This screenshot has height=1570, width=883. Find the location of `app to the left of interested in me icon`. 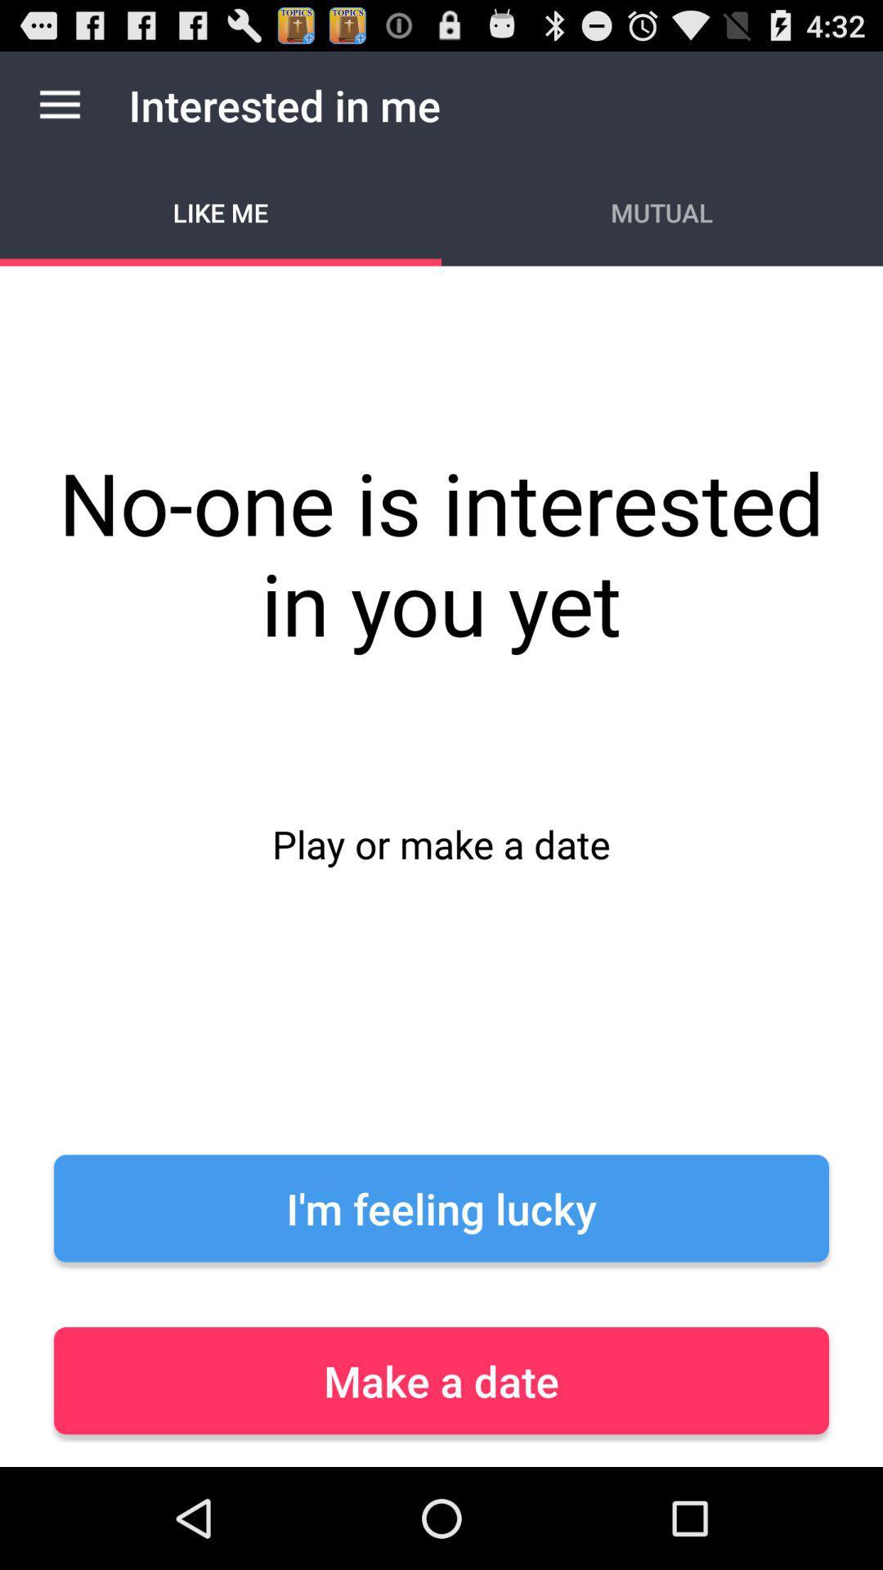

app to the left of interested in me icon is located at coordinates (59, 104).